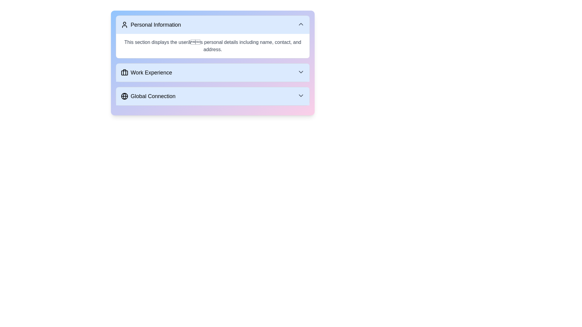 This screenshot has height=327, width=582. What do you see at coordinates (124, 72) in the screenshot?
I see `the 'Work Experience' icon to interact with it, as it is positioned to the left of the 'Work Experience' text in the interface` at bounding box center [124, 72].